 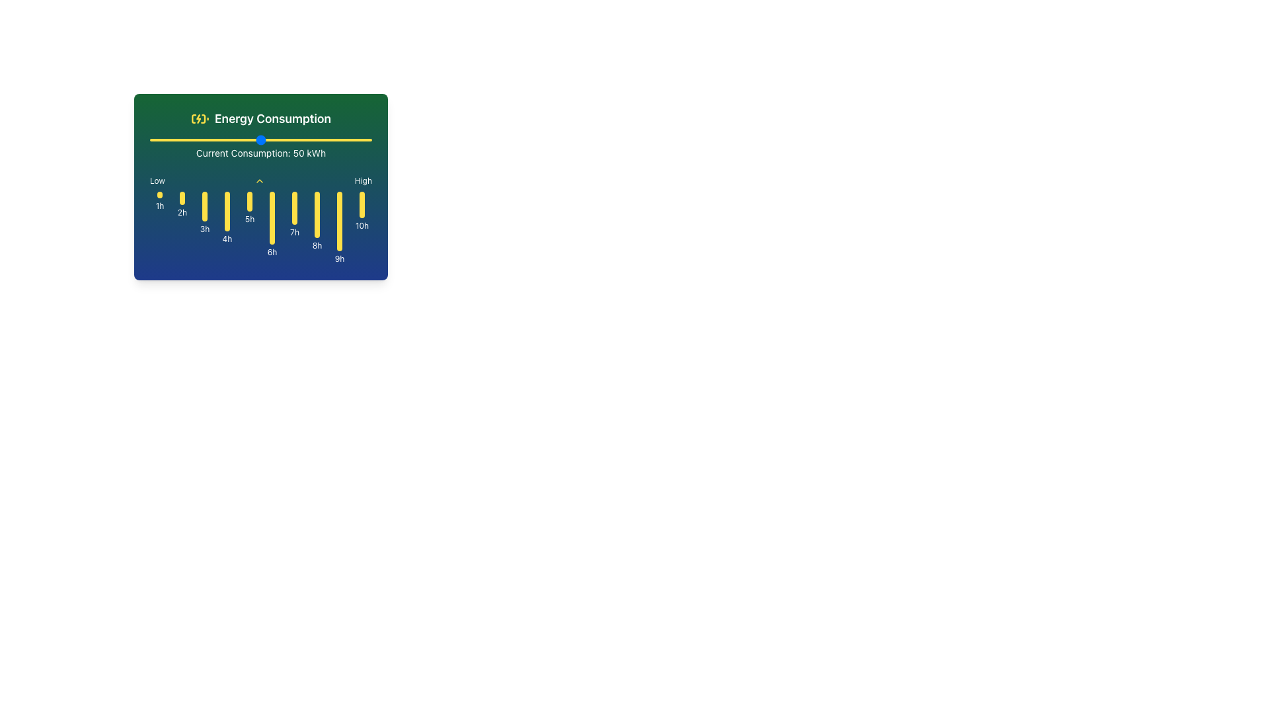 I want to click on the upward-facing yellow chevron icon located between 'Low' and 'High' labels, below 'Current Consumption: 50 kWh', so click(x=260, y=180).